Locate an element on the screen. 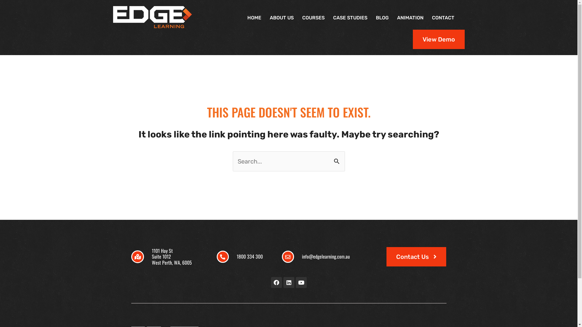  'Search' is located at coordinates (330, 160).